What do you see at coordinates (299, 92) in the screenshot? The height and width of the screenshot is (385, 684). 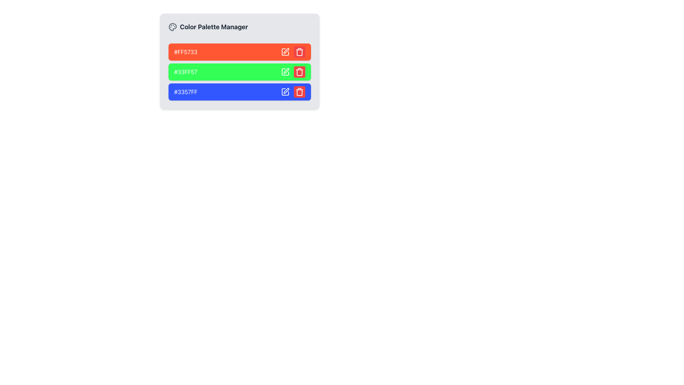 I see `the delete button located in the rightmost section of the action toolbar, which is associated with the blue bar labeled '#3357FF'` at bounding box center [299, 92].